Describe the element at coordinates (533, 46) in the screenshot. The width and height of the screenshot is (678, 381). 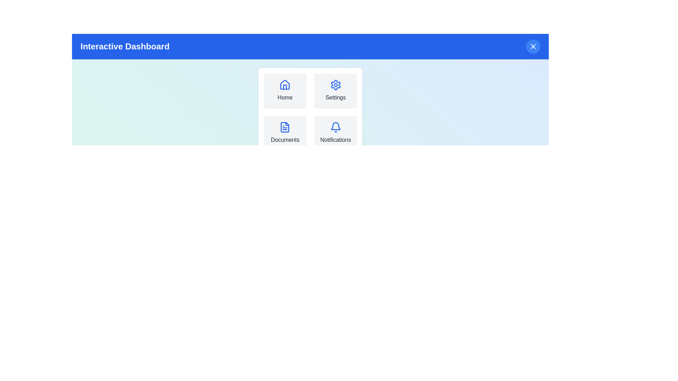
I see `the toggle button in the header to change the menu visibility` at that location.